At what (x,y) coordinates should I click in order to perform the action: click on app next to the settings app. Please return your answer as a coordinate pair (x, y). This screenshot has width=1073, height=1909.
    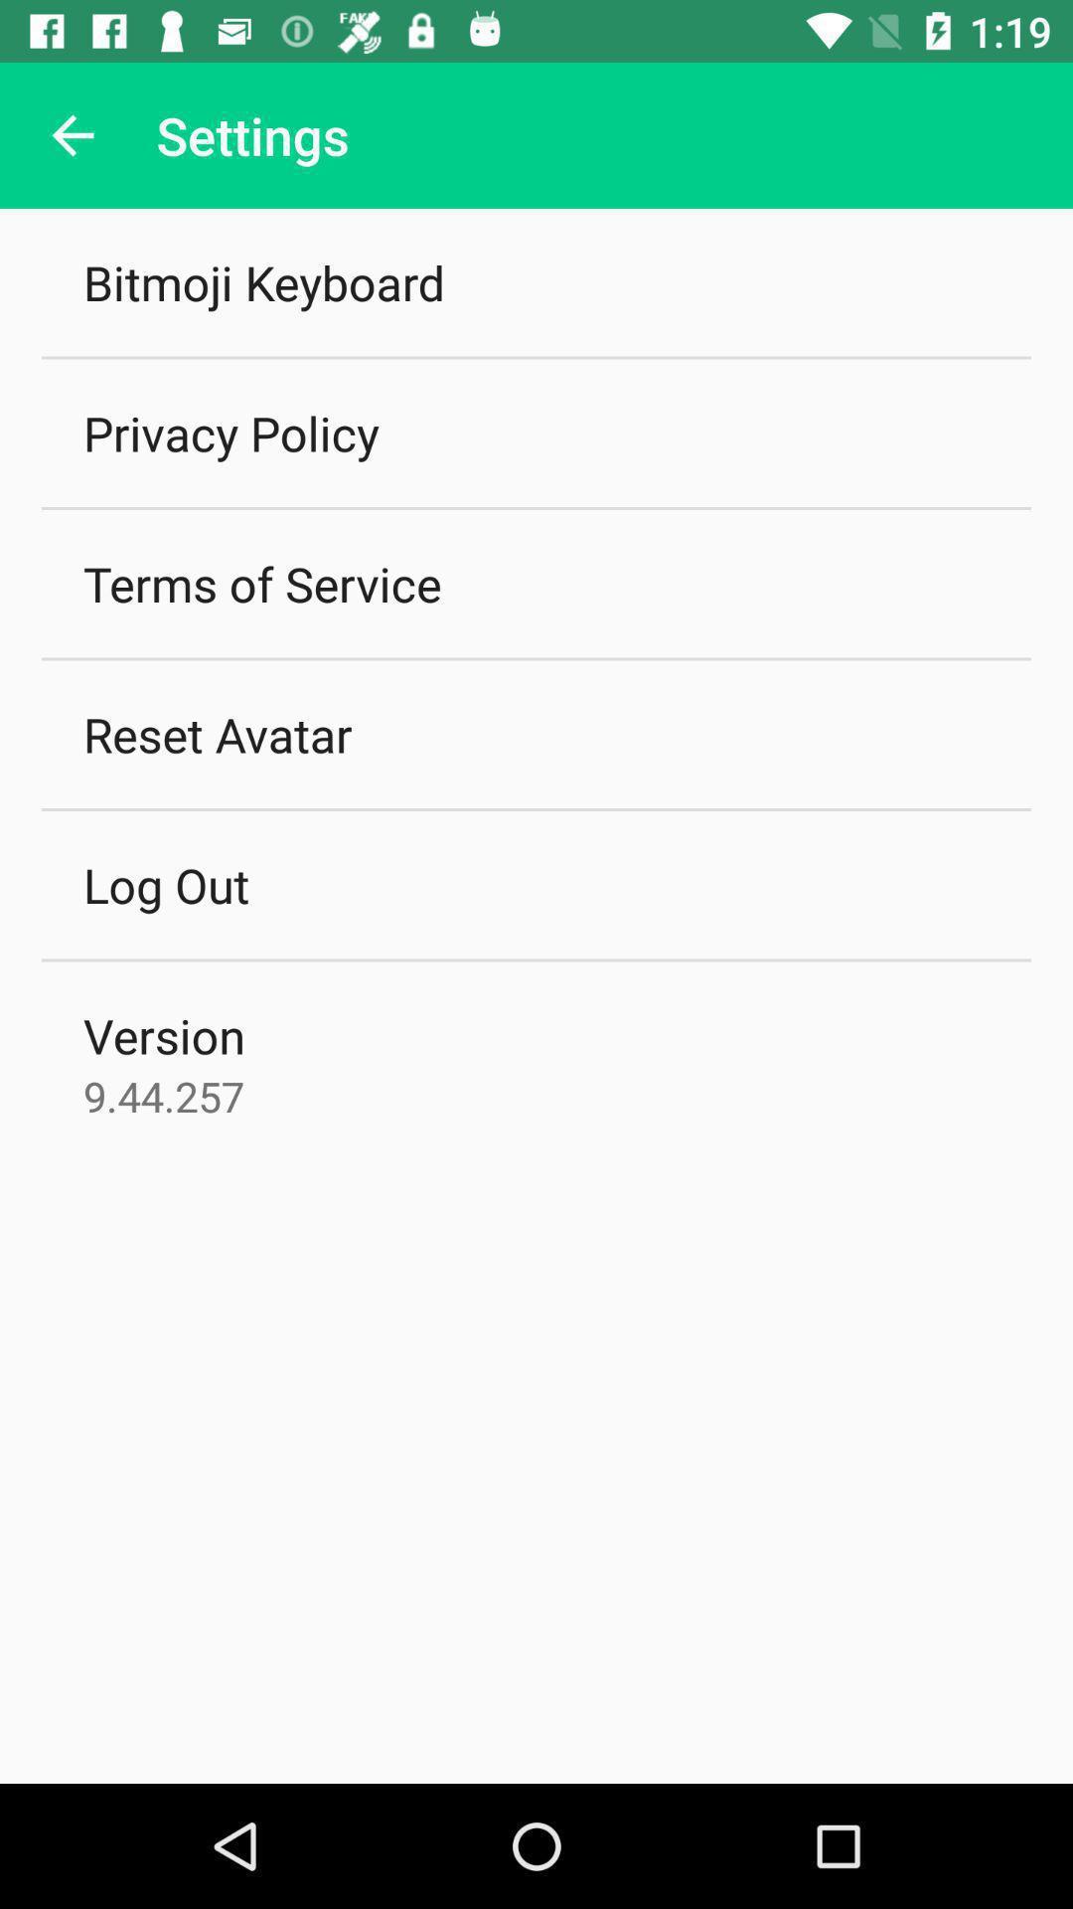
    Looking at the image, I should click on (72, 134).